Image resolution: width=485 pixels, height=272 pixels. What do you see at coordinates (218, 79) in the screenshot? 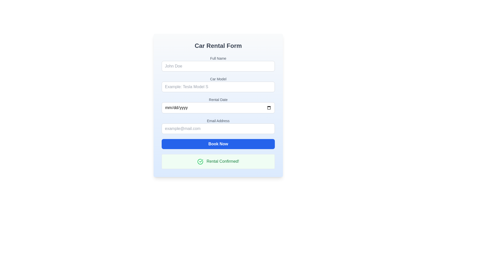
I see `the 'Car Model' text label, which is styled in a smaller muted gray font and positioned between the 'Full Name' and 'Example: Tesla Model S' input fields` at bounding box center [218, 79].